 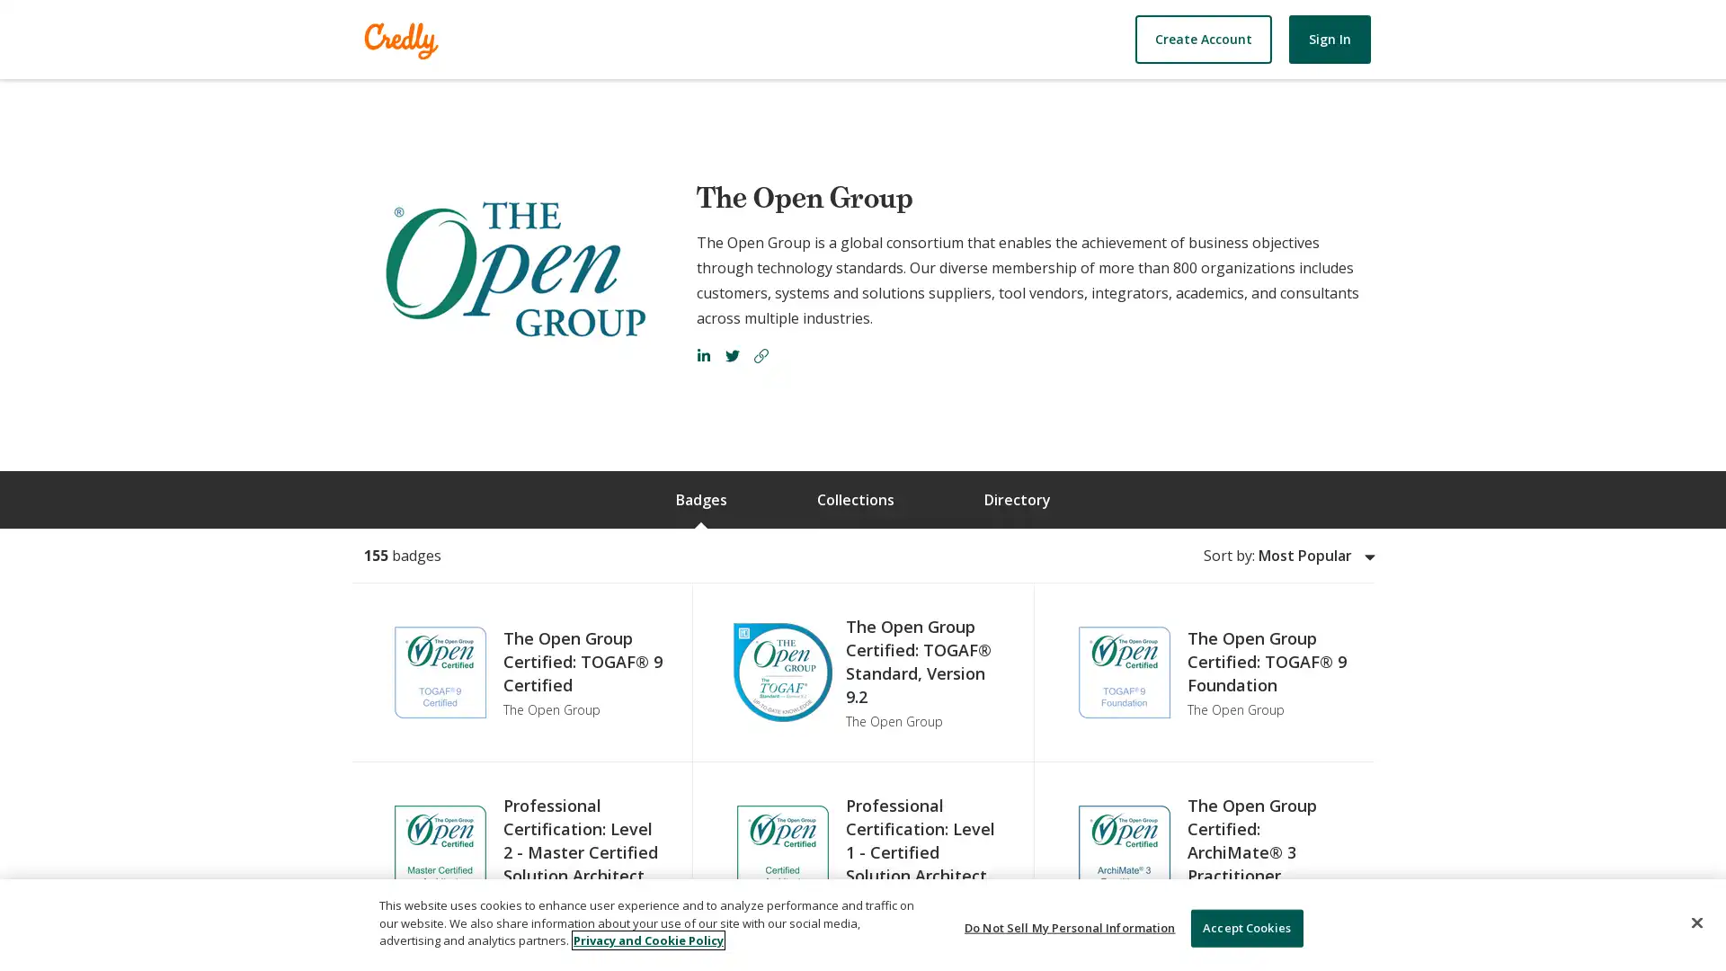 I want to click on Accept Cookies, so click(x=1245, y=928).